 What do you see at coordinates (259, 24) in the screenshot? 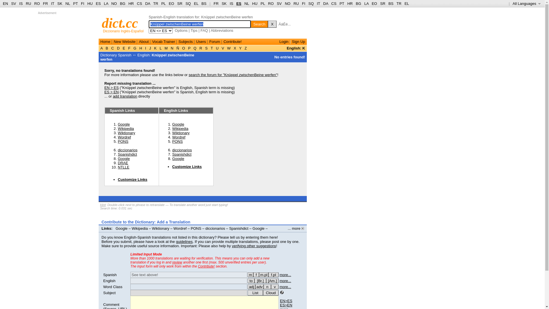
I see `'Search'` at bounding box center [259, 24].